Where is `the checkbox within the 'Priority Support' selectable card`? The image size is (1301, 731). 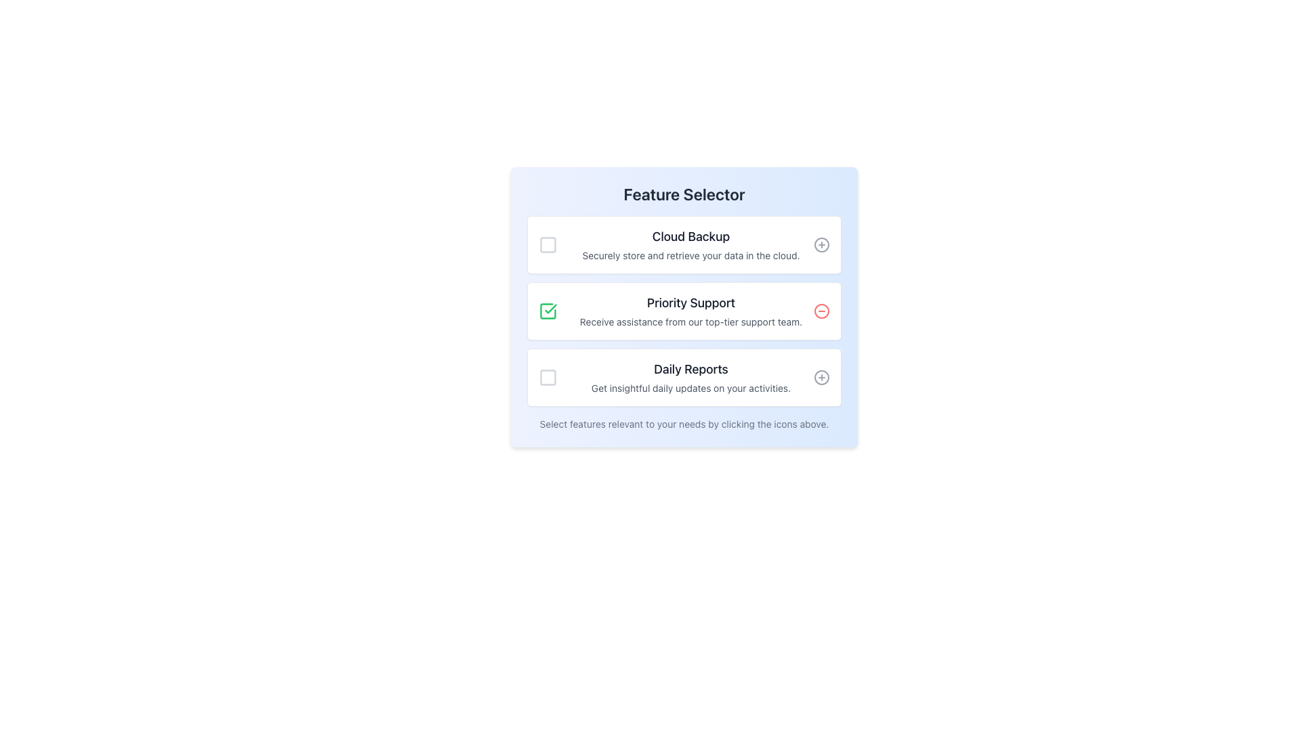
the checkbox within the 'Priority Support' selectable card is located at coordinates (684, 311).